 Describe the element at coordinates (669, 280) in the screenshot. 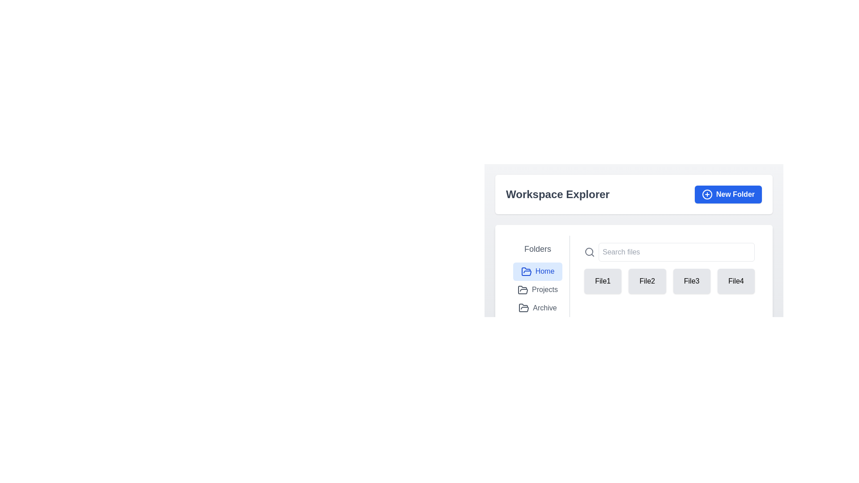

I see `to move a file icon from the Grid layout containing selectable buttons located below the 'Search files' bar in the 'Workspace Explorer' section` at that location.